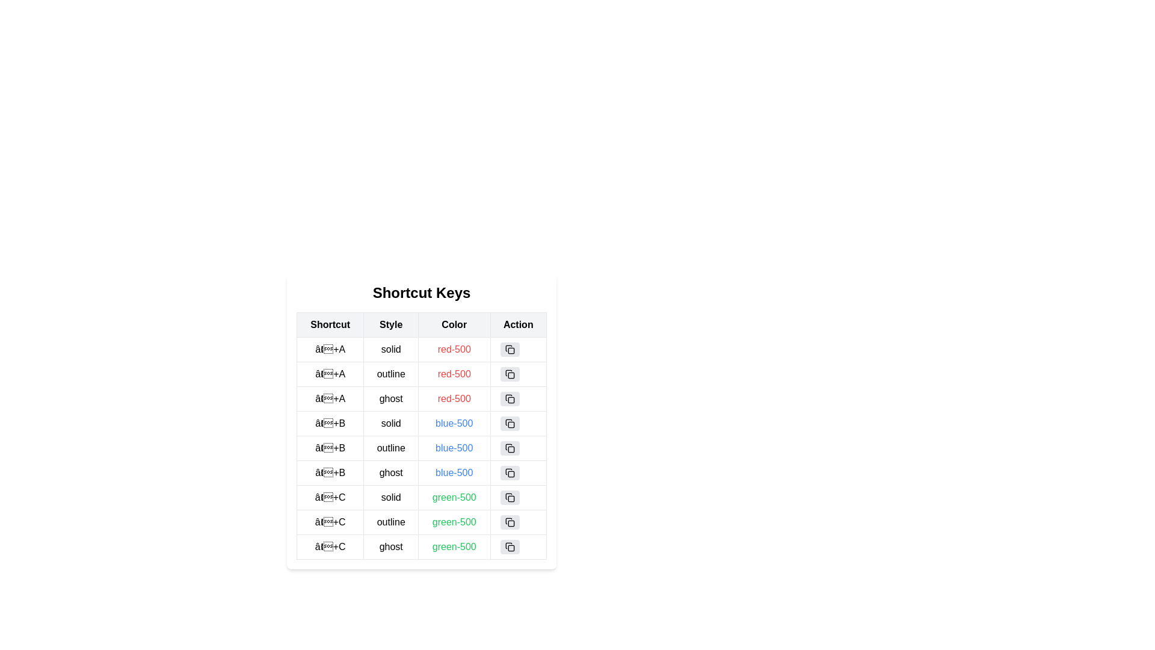  I want to click on the clipboard icon button in the 'Action' column of the table row for 'Ctrl+C' to copy the content, so click(510, 521).